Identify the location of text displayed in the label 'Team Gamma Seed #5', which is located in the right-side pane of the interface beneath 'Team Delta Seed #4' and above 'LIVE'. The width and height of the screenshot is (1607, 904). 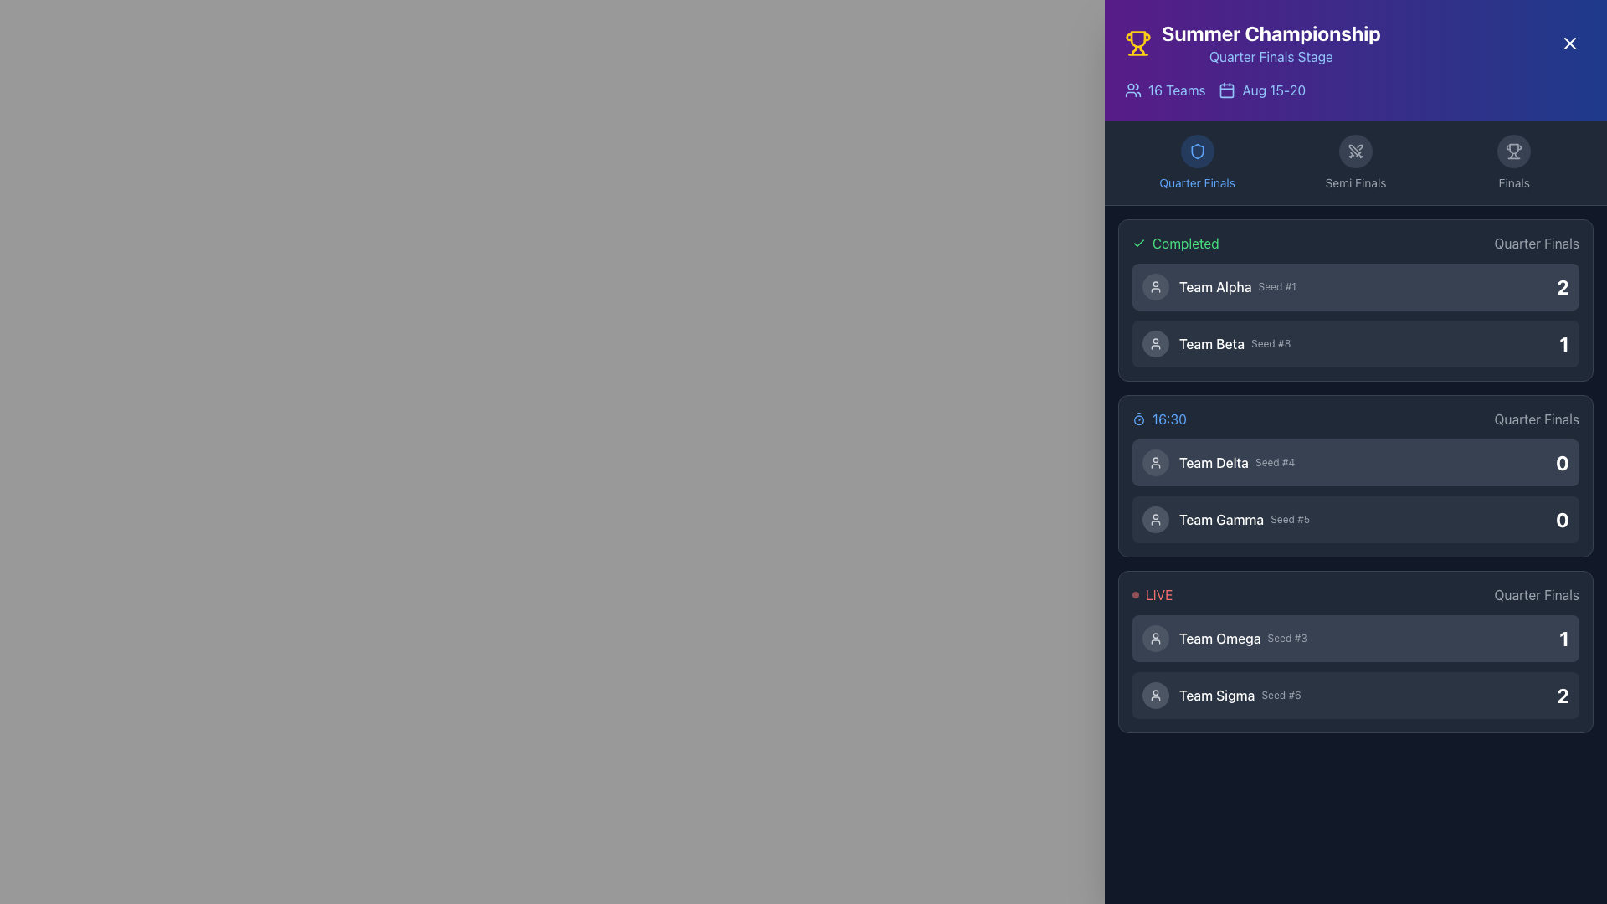
(1226, 519).